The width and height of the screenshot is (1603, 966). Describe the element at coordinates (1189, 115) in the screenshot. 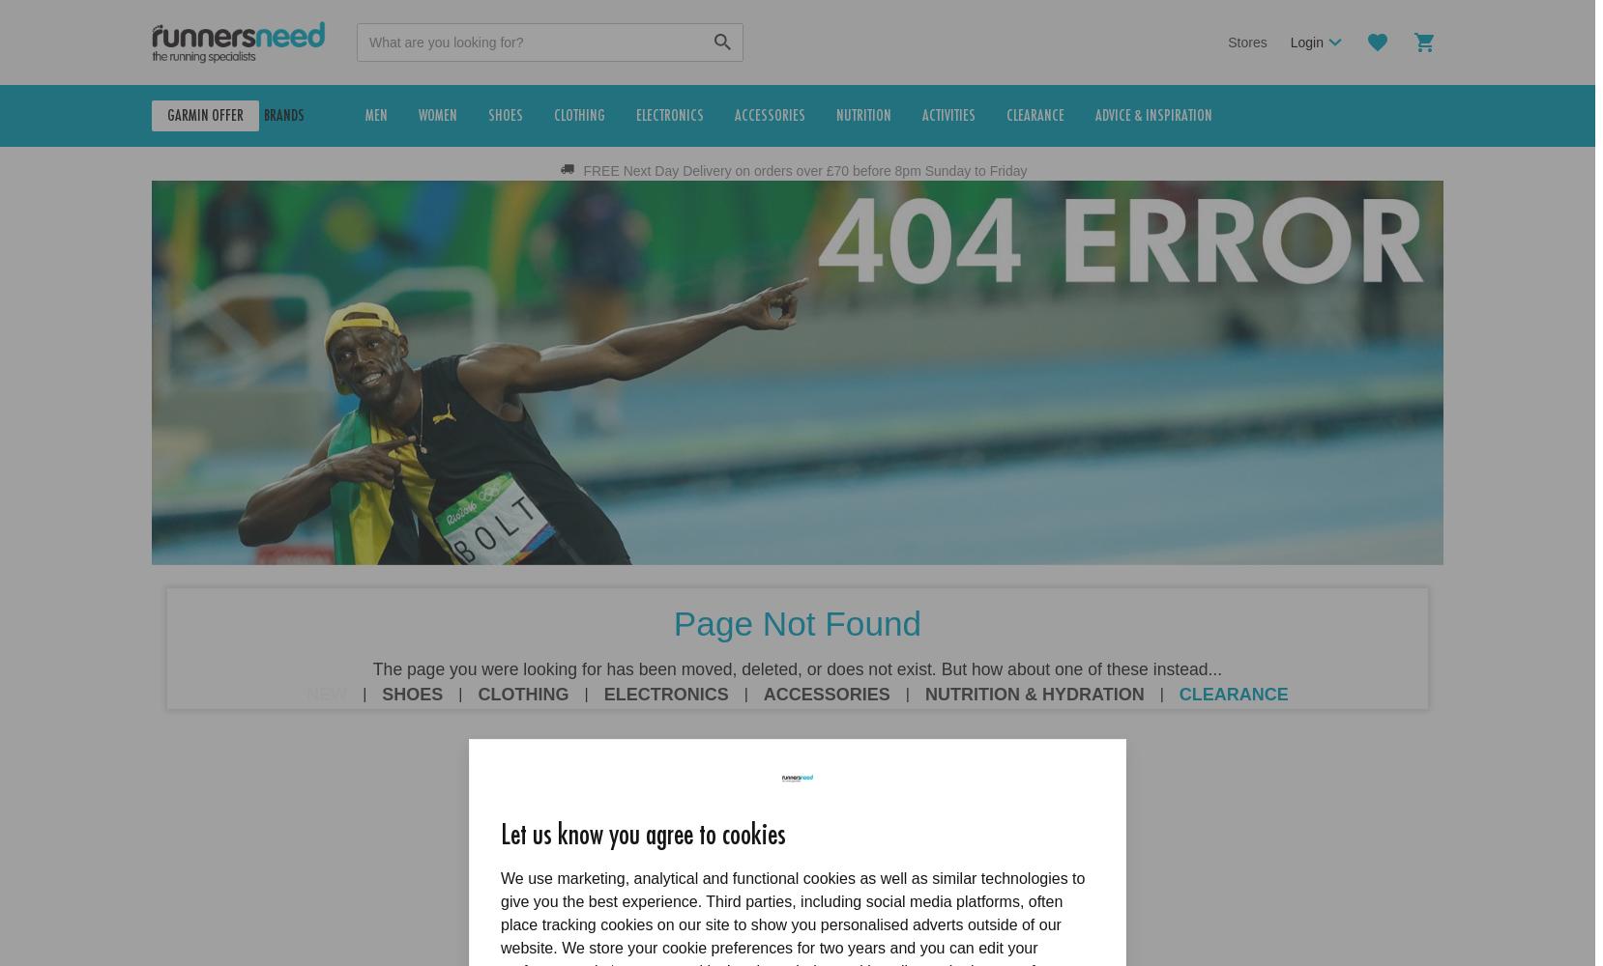

I see `'ADVICE & INSPIRATION'` at that location.